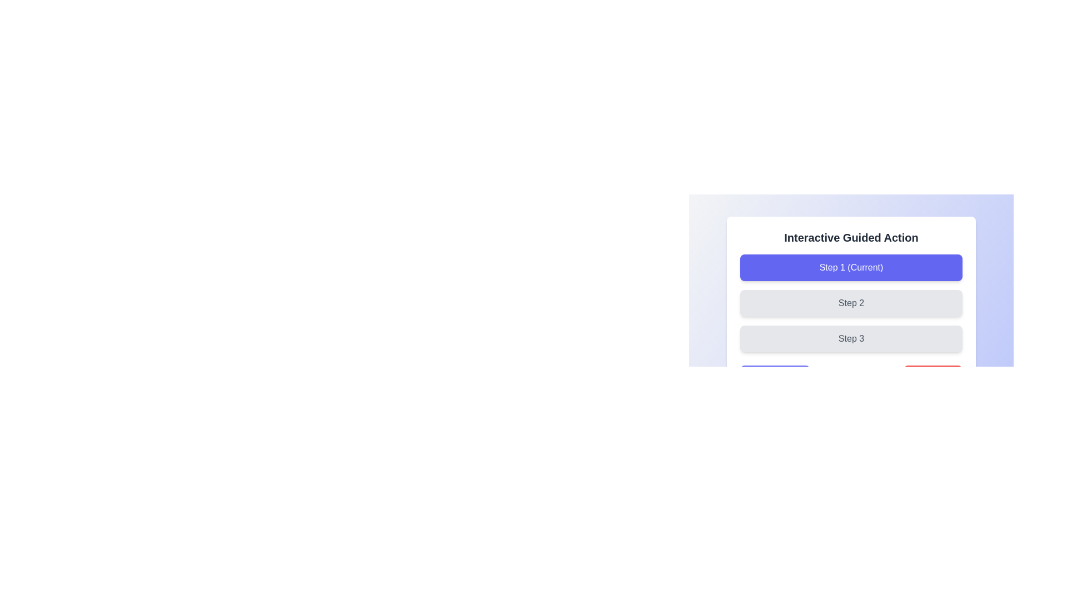  Describe the element at coordinates (850, 308) in the screenshot. I see `the Step 2 button in the guided action sequence` at that location.